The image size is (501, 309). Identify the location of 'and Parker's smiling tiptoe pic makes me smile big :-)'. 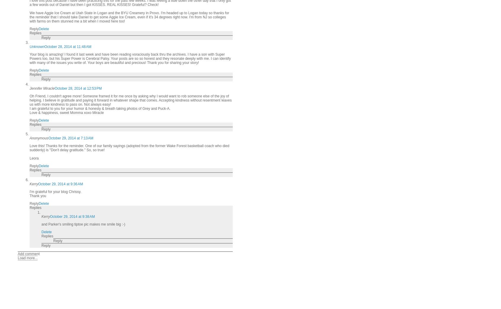
(83, 224).